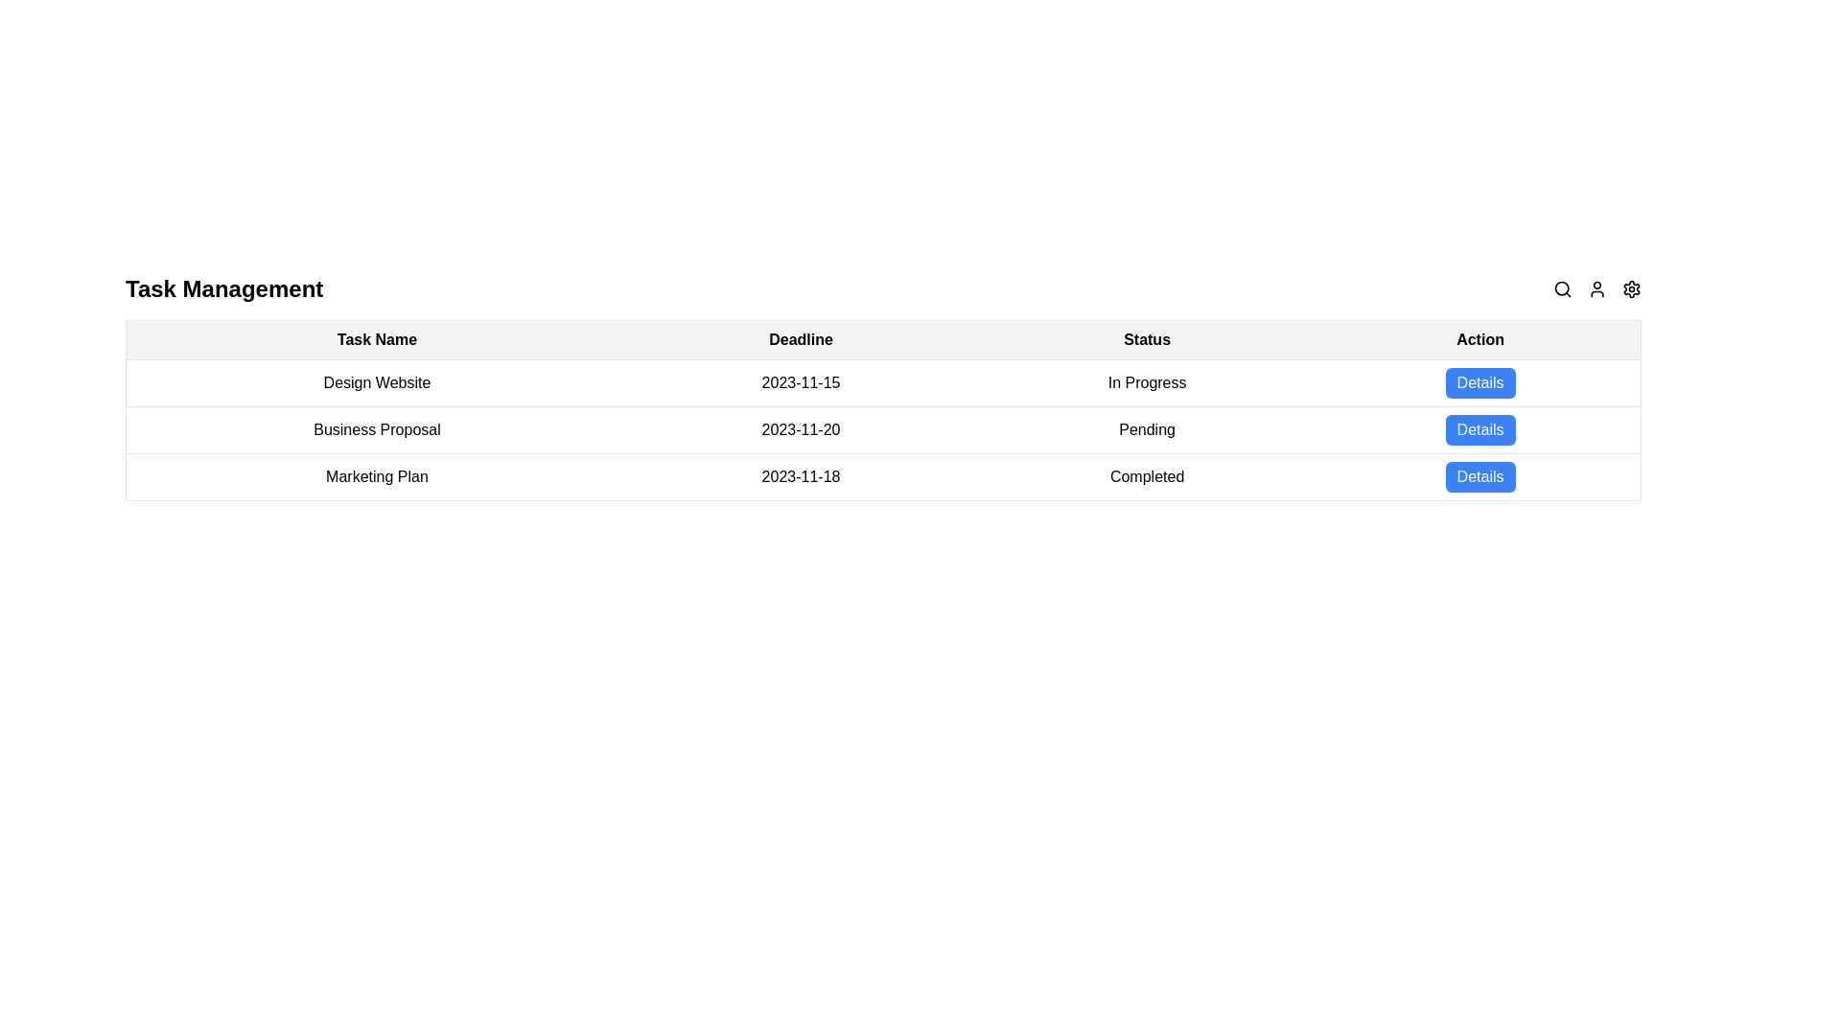 This screenshot has height=1035, width=1841. Describe the element at coordinates (1480, 383) in the screenshot. I see `the 'Details' button` at that location.